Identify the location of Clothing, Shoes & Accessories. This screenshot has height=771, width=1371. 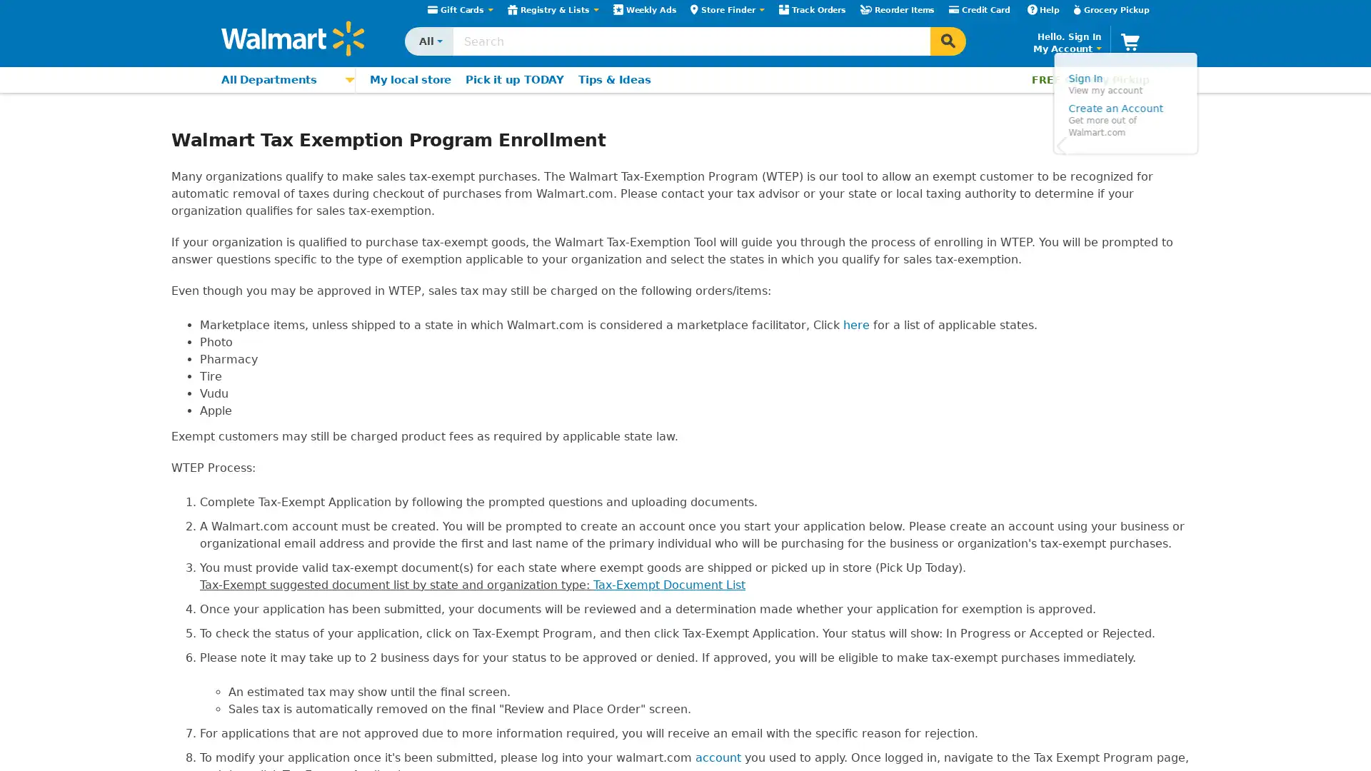
(277, 222).